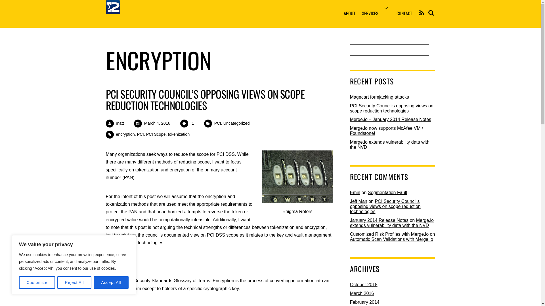 This screenshot has height=306, width=545. What do you see at coordinates (125, 134) in the screenshot?
I see `'encryption'` at bounding box center [125, 134].